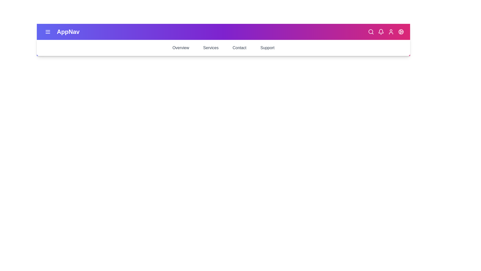 The width and height of the screenshot is (481, 271). Describe the element at coordinates (210, 48) in the screenshot. I see `the 'Services' menu item to navigate to the services section` at that location.